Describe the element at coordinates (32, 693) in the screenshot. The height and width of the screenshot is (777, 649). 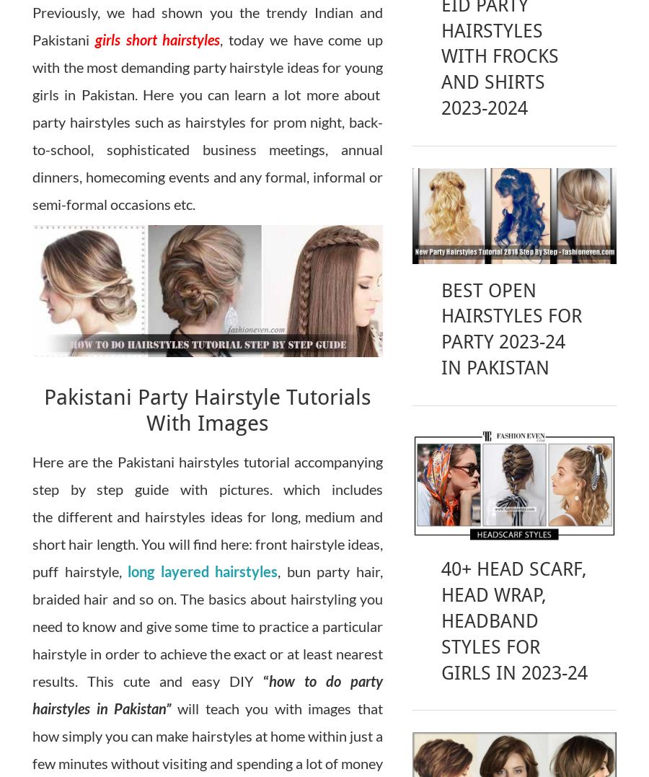
I see `'how to do party hairstyles in Pakistan”'` at that location.